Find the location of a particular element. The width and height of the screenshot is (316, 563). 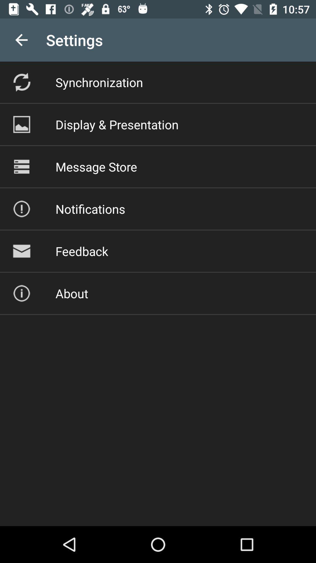

the synchronization is located at coordinates (99, 82).